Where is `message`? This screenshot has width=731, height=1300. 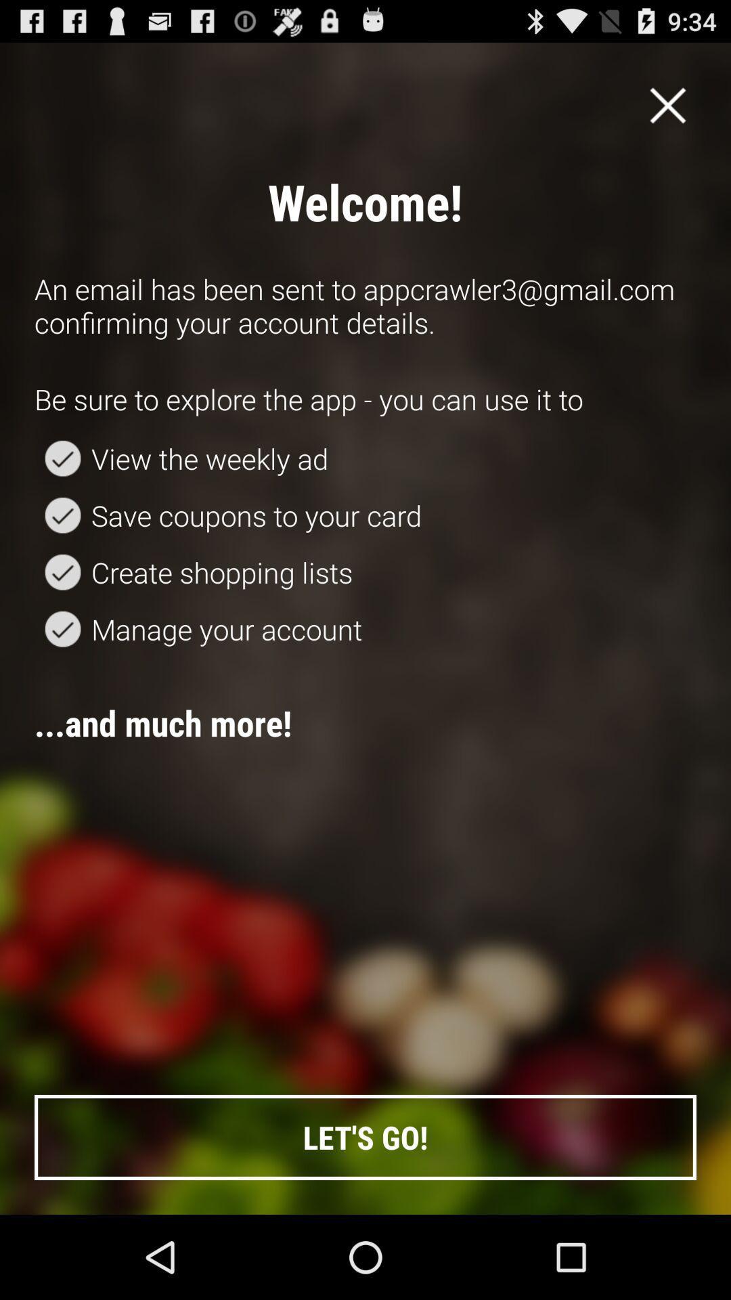 message is located at coordinates (667, 104).